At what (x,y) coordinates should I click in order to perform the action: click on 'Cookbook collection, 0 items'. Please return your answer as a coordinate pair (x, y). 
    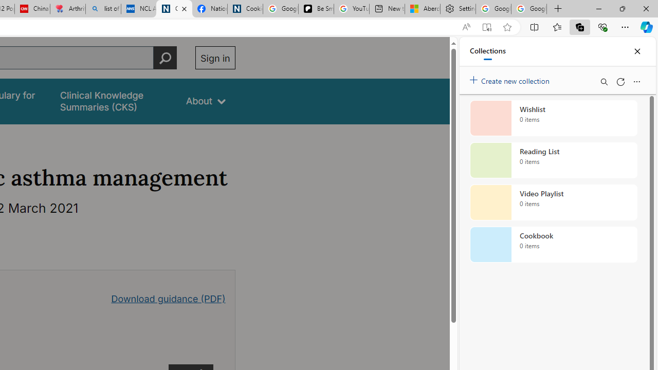
    Looking at the image, I should click on (553, 244).